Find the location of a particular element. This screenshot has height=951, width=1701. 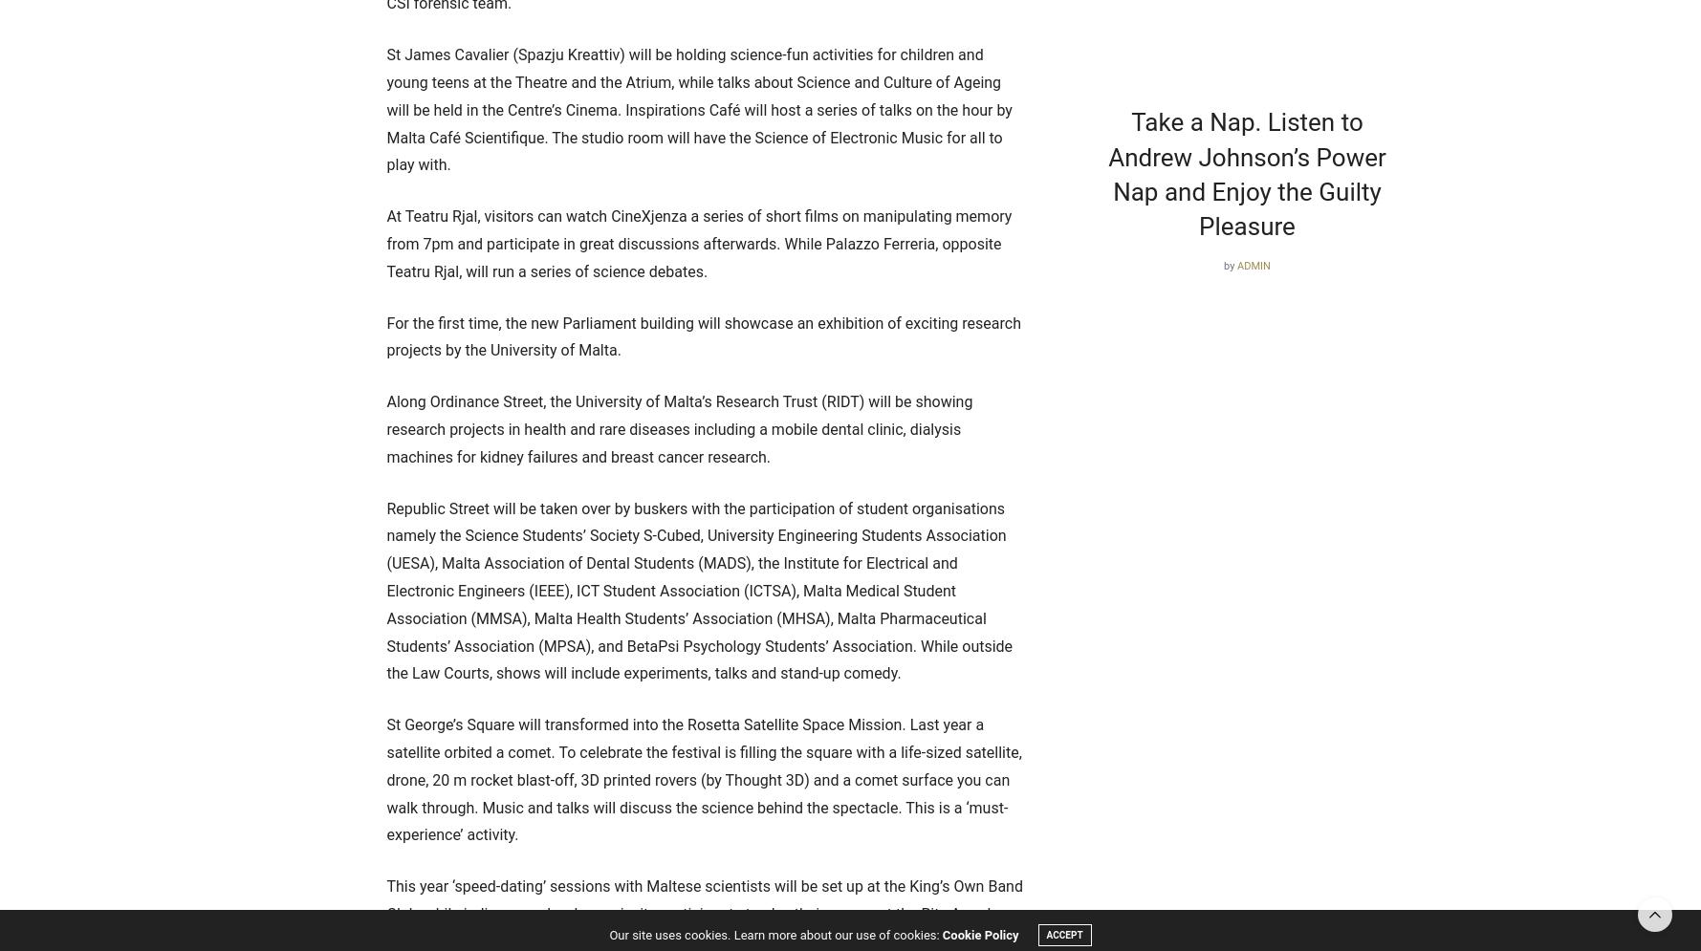

'St James Cavalier (Spazju Kreattiv) will be holding science-fun activities for children and young teens at the Theatre and the Atrium, while talks about Science and Culture of Ageing will be held in the Centre’s Cinema. Inspirations Café will host a series of talks on the hour by Malta Café Scientifique. The studio room will have the Science of Electronic Music for all to play with.' is located at coordinates (698, 110).